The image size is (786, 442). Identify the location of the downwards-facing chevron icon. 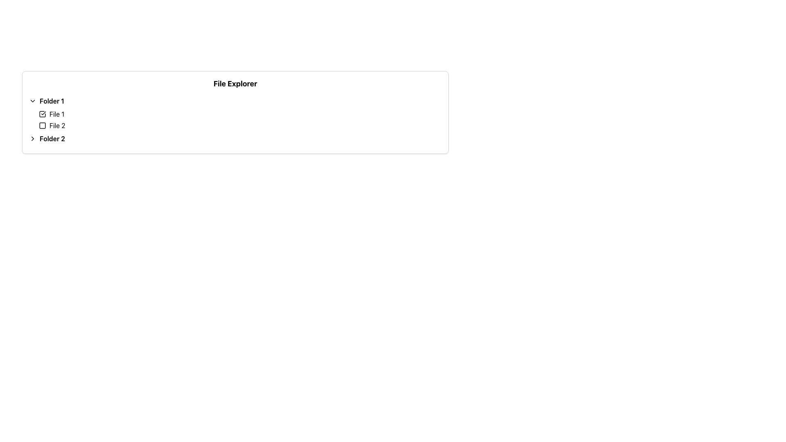
(33, 100).